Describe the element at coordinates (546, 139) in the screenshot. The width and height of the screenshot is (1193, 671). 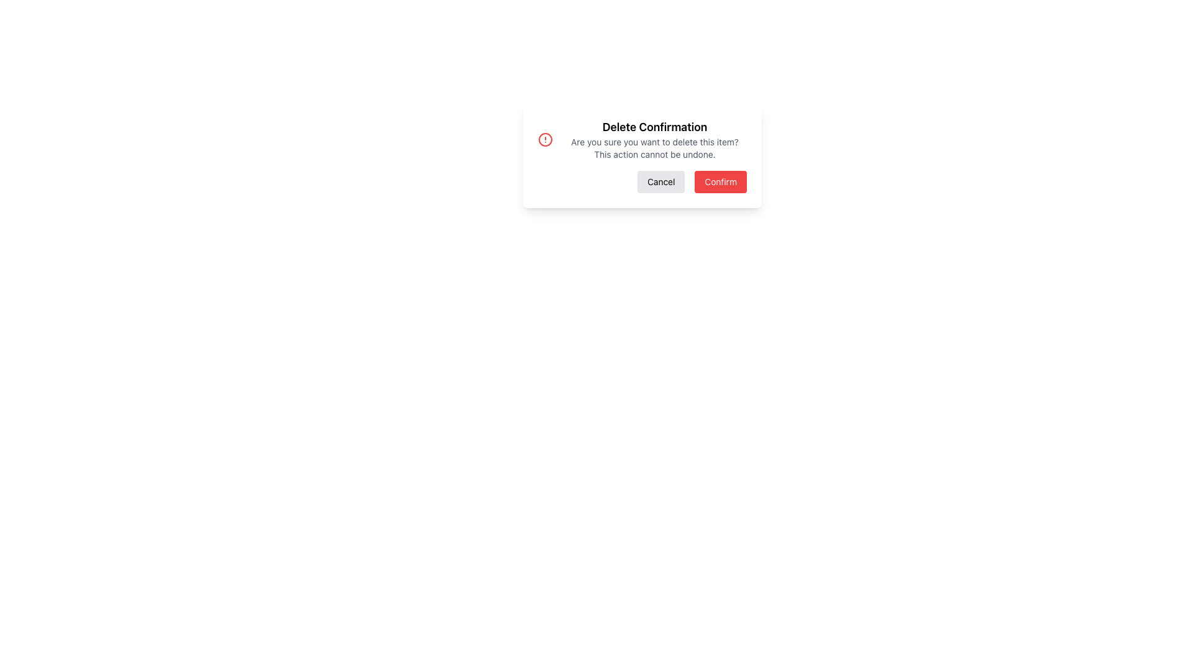
I see `the red circular decorative graphic icon located in the upper-left section of the 'Delete Confirmation' modal dialog` at that location.